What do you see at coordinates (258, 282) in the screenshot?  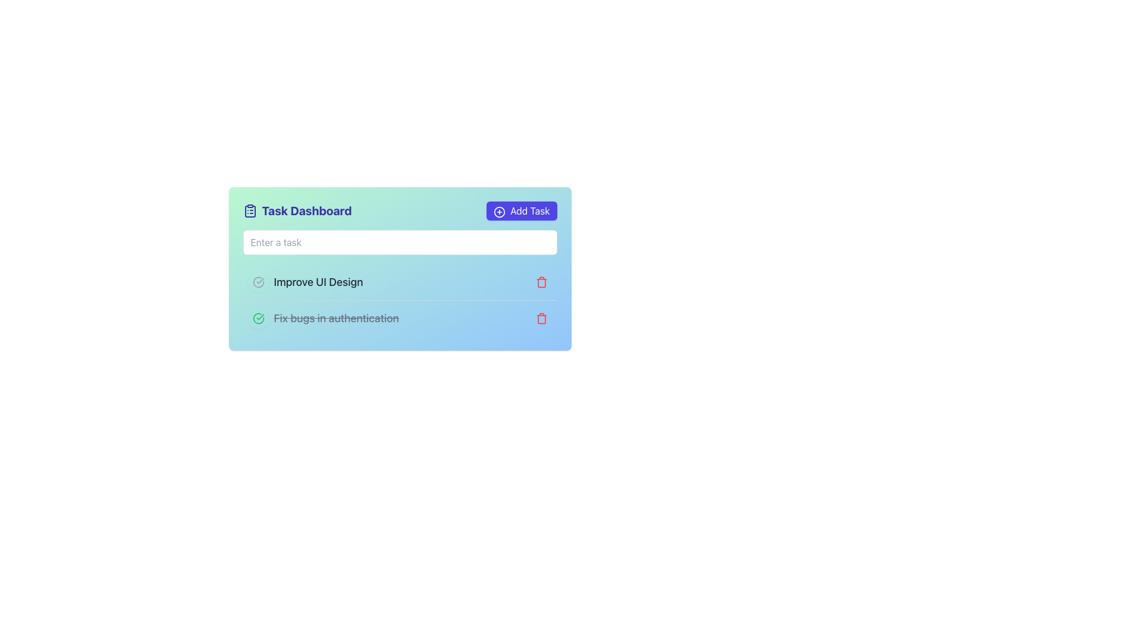 I see `the circular button with a gray outline and a checkmark icon to mark the task 'Improve UI Design' as complete` at bounding box center [258, 282].